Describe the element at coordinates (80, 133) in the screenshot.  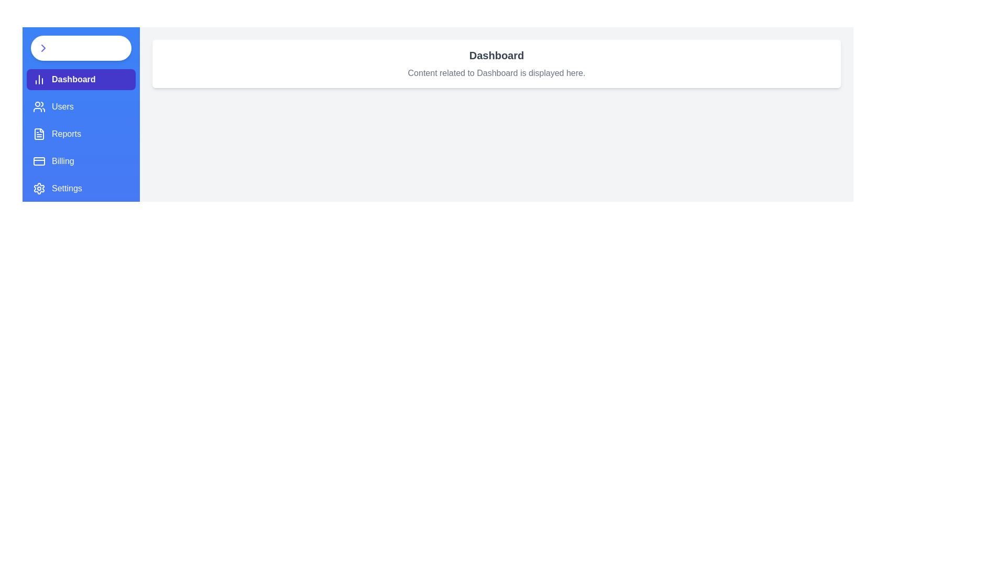
I see `the Reports tab to observe the hover effect` at that location.